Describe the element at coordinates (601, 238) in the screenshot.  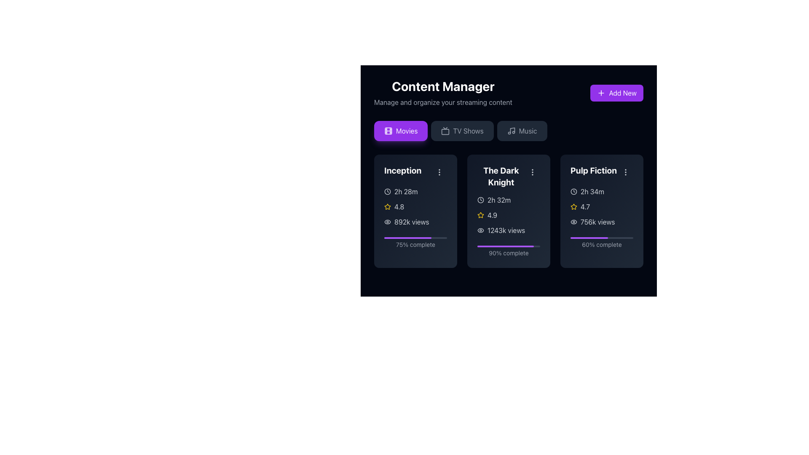
I see `the progress bar indicating 60% completion located at the bottom section of the 'Pulp Fiction' card` at that location.